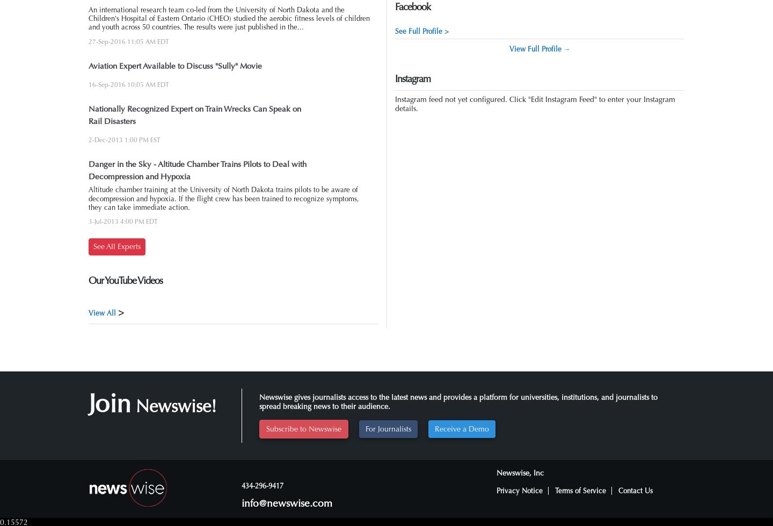 This screenshot has height=526, width=773. What do you see at coordinates (394, 79) in the screenshot?
I see `'Instagram'` at bounding box center [394, 79].